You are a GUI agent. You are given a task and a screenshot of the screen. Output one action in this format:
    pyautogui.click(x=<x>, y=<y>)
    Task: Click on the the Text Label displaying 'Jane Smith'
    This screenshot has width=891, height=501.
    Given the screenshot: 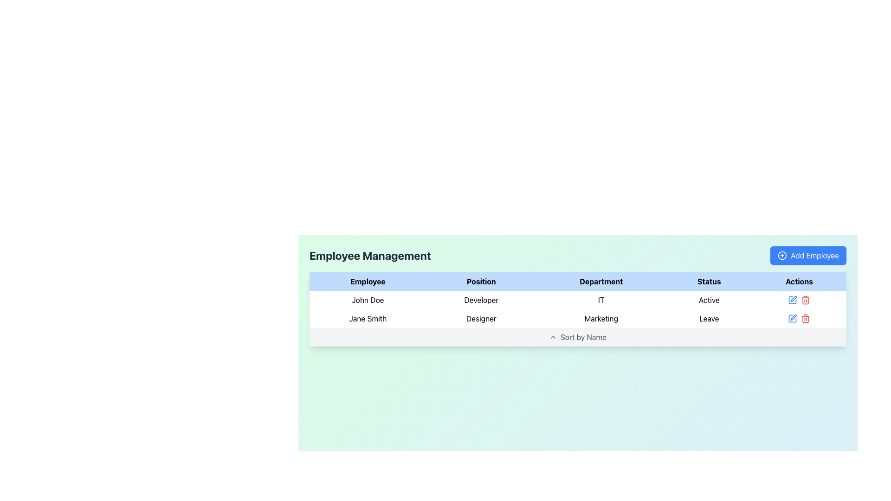 What is the action you would take?
    pyautogui.click(x=367, y=318)
    